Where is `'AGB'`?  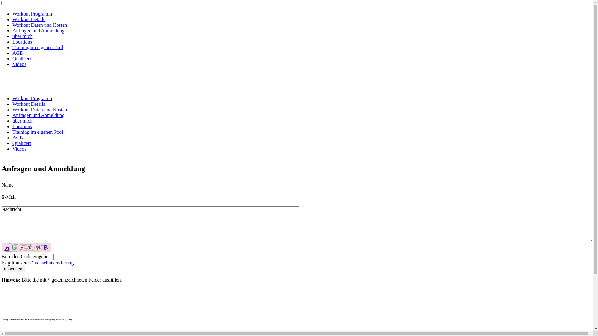 'AGB' is located at coordinates (18, 137).